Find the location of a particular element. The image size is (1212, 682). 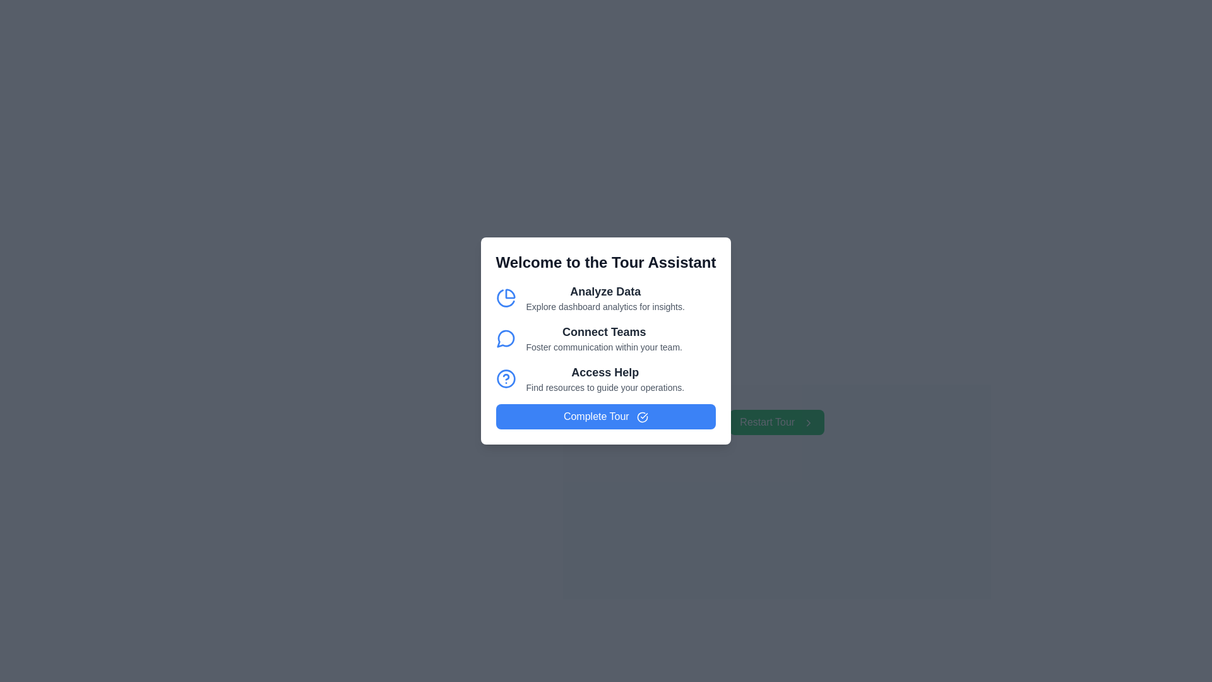

the text element displaying 'Explore dashboard analytics for insights.' which is styled in grey color and positioned below 'Analyze Data' within the modal titled 'Welcome to the Tour Assistant' is located at coordinates (605, 307).